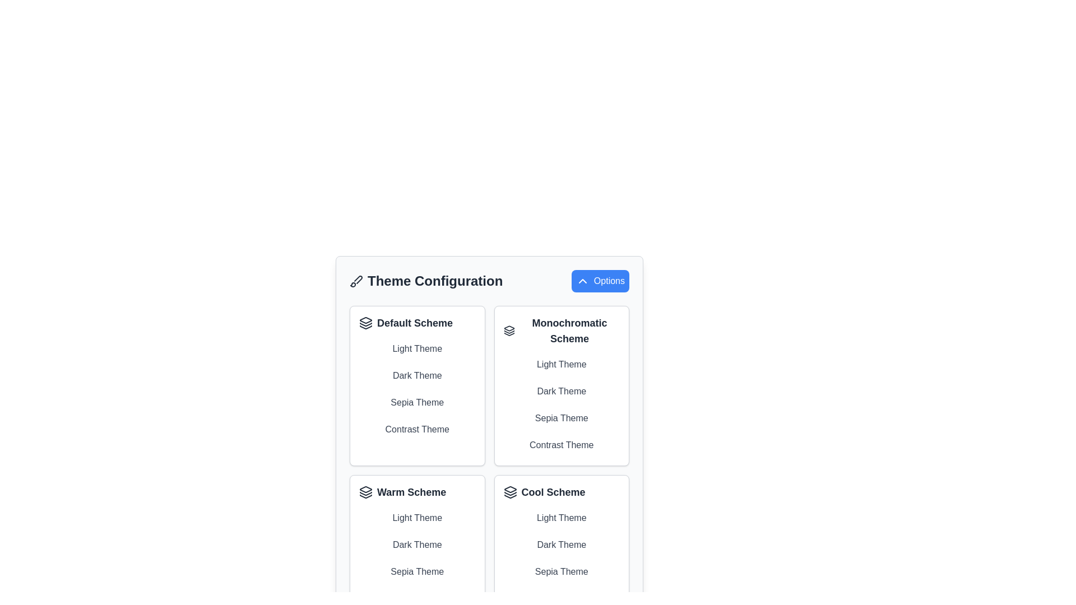 Image resolution: width=1076 pixels, height=605 pixels. I want to click on the 'Monochromatic Scheme' text header or its accompanying icon, so click(562, 330).